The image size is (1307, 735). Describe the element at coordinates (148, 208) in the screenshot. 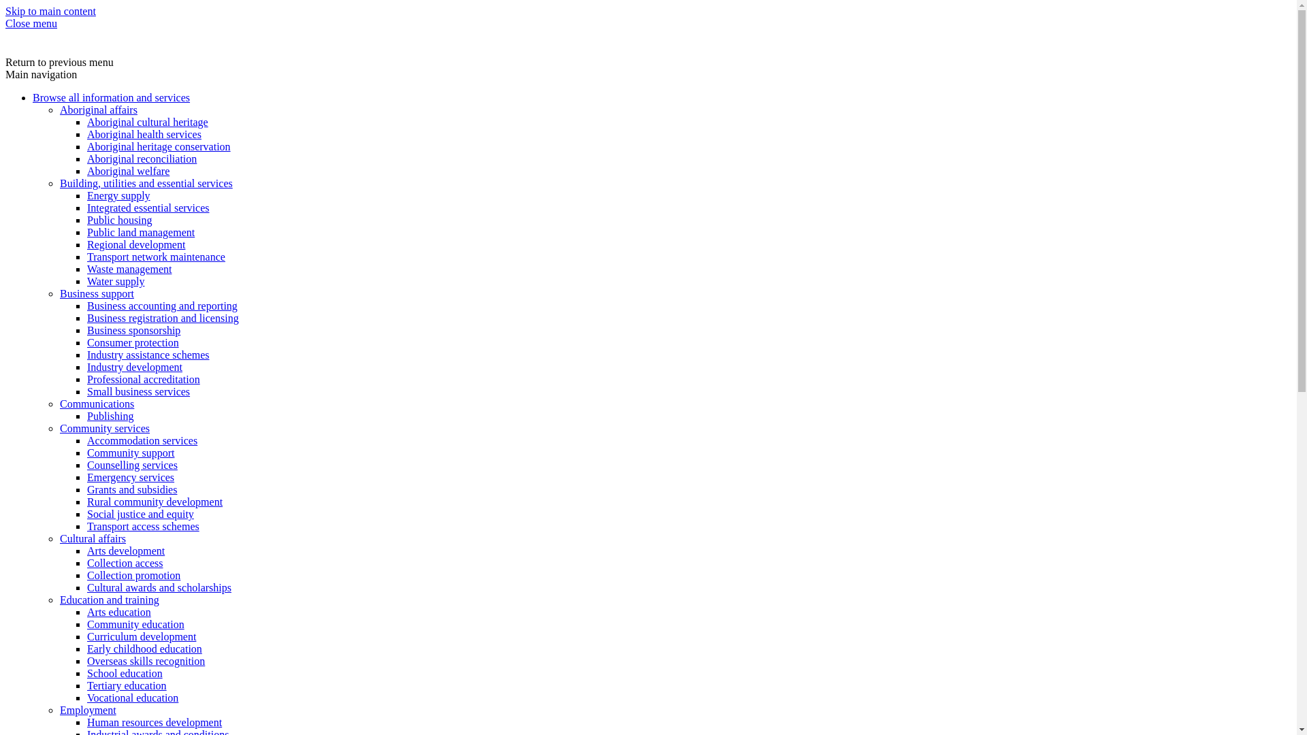

I see `'Integrated essential services'` at that location.